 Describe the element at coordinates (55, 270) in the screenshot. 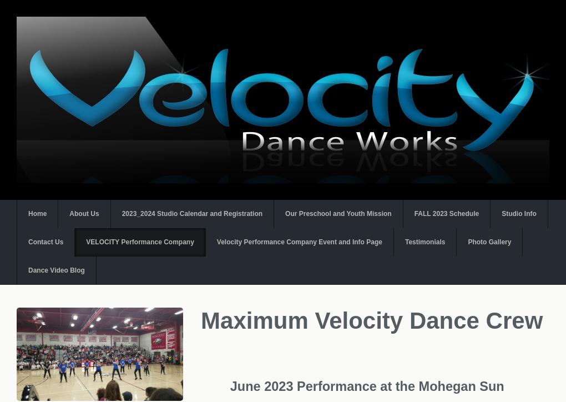

I see `'Dance Video Blog'` at that location.